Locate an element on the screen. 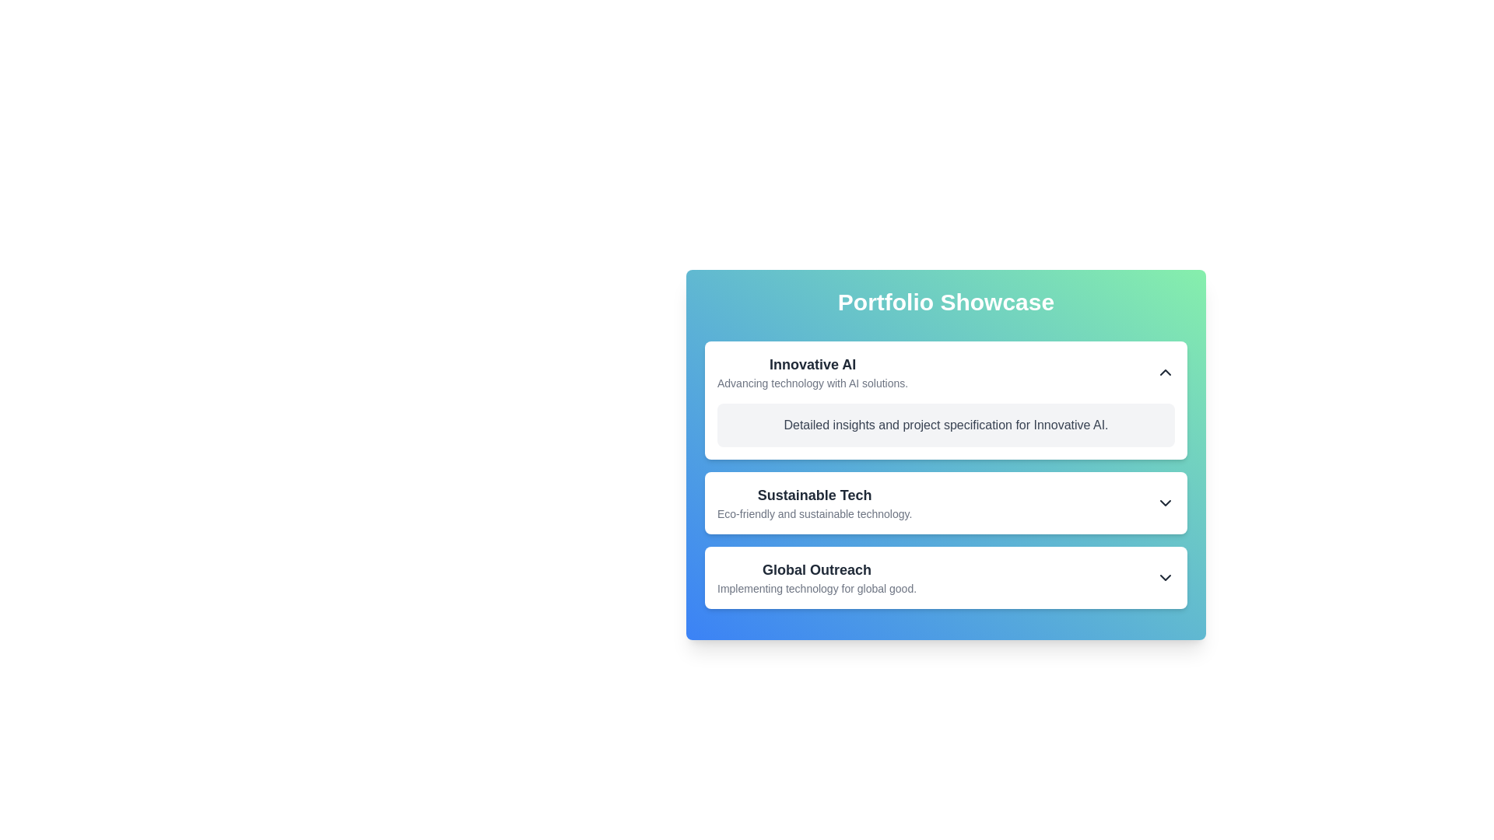  the text content of the Text block with hierarchical styling that includes 'Innovative AI' and 'Advancing technology with AI solutions.' located under the heading 'Portfolio Showcase' is located at coordinates (812, 372).